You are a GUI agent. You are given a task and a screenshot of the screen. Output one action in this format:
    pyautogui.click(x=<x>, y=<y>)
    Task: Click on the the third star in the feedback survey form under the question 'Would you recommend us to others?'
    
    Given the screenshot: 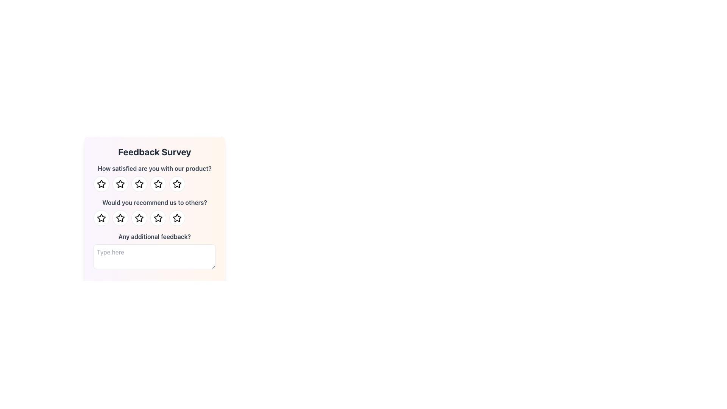 What is the action you would take?
    pyautogui.click(x=158, y=218)
    